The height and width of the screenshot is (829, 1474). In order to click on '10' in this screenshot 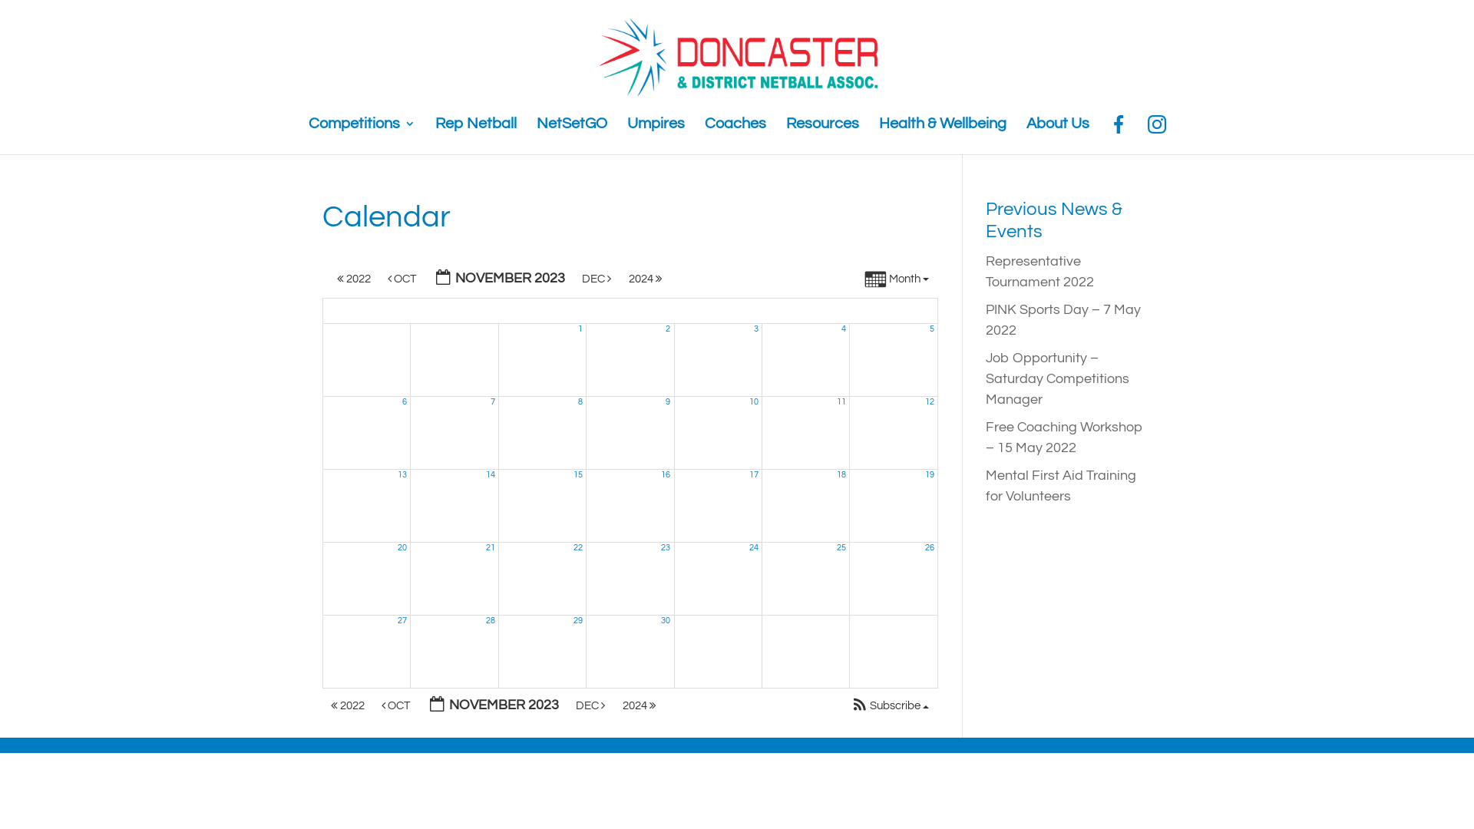, I will do `click(749, 401)`.